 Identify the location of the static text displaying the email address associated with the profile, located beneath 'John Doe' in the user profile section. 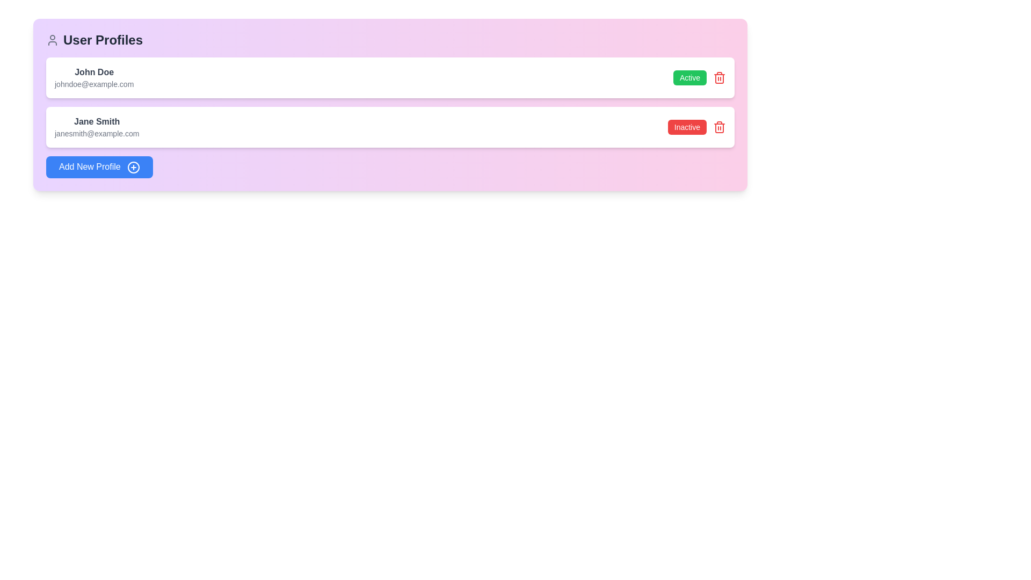
(94, 84).